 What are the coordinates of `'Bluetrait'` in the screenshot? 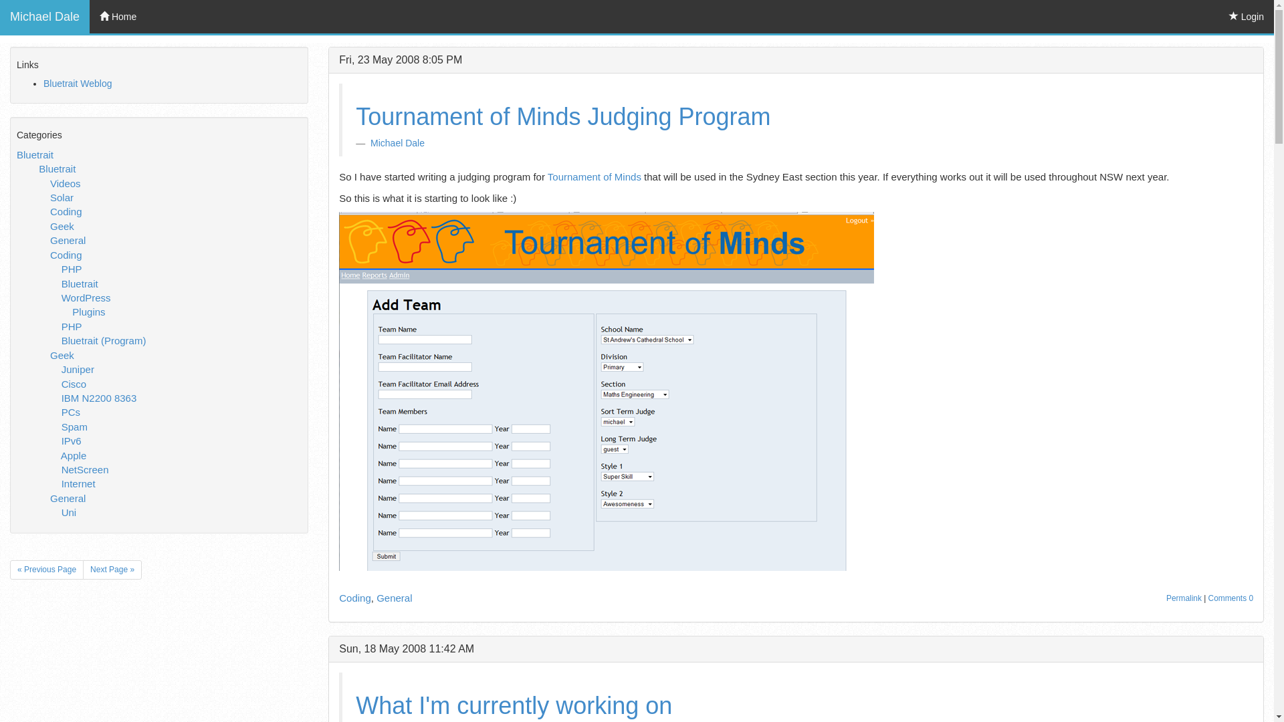 It's located at (38, 168).